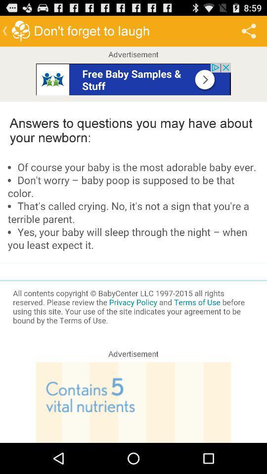  What do you see at coordinates (133, 402) in the screenshot?
I see `advertisement` at bounding box center [133, 402].